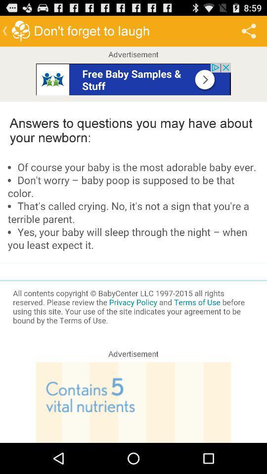  What do you see at coordinates (133, 402) in the screenshot?
I see `advertisement` at bounding box center [133, 402].